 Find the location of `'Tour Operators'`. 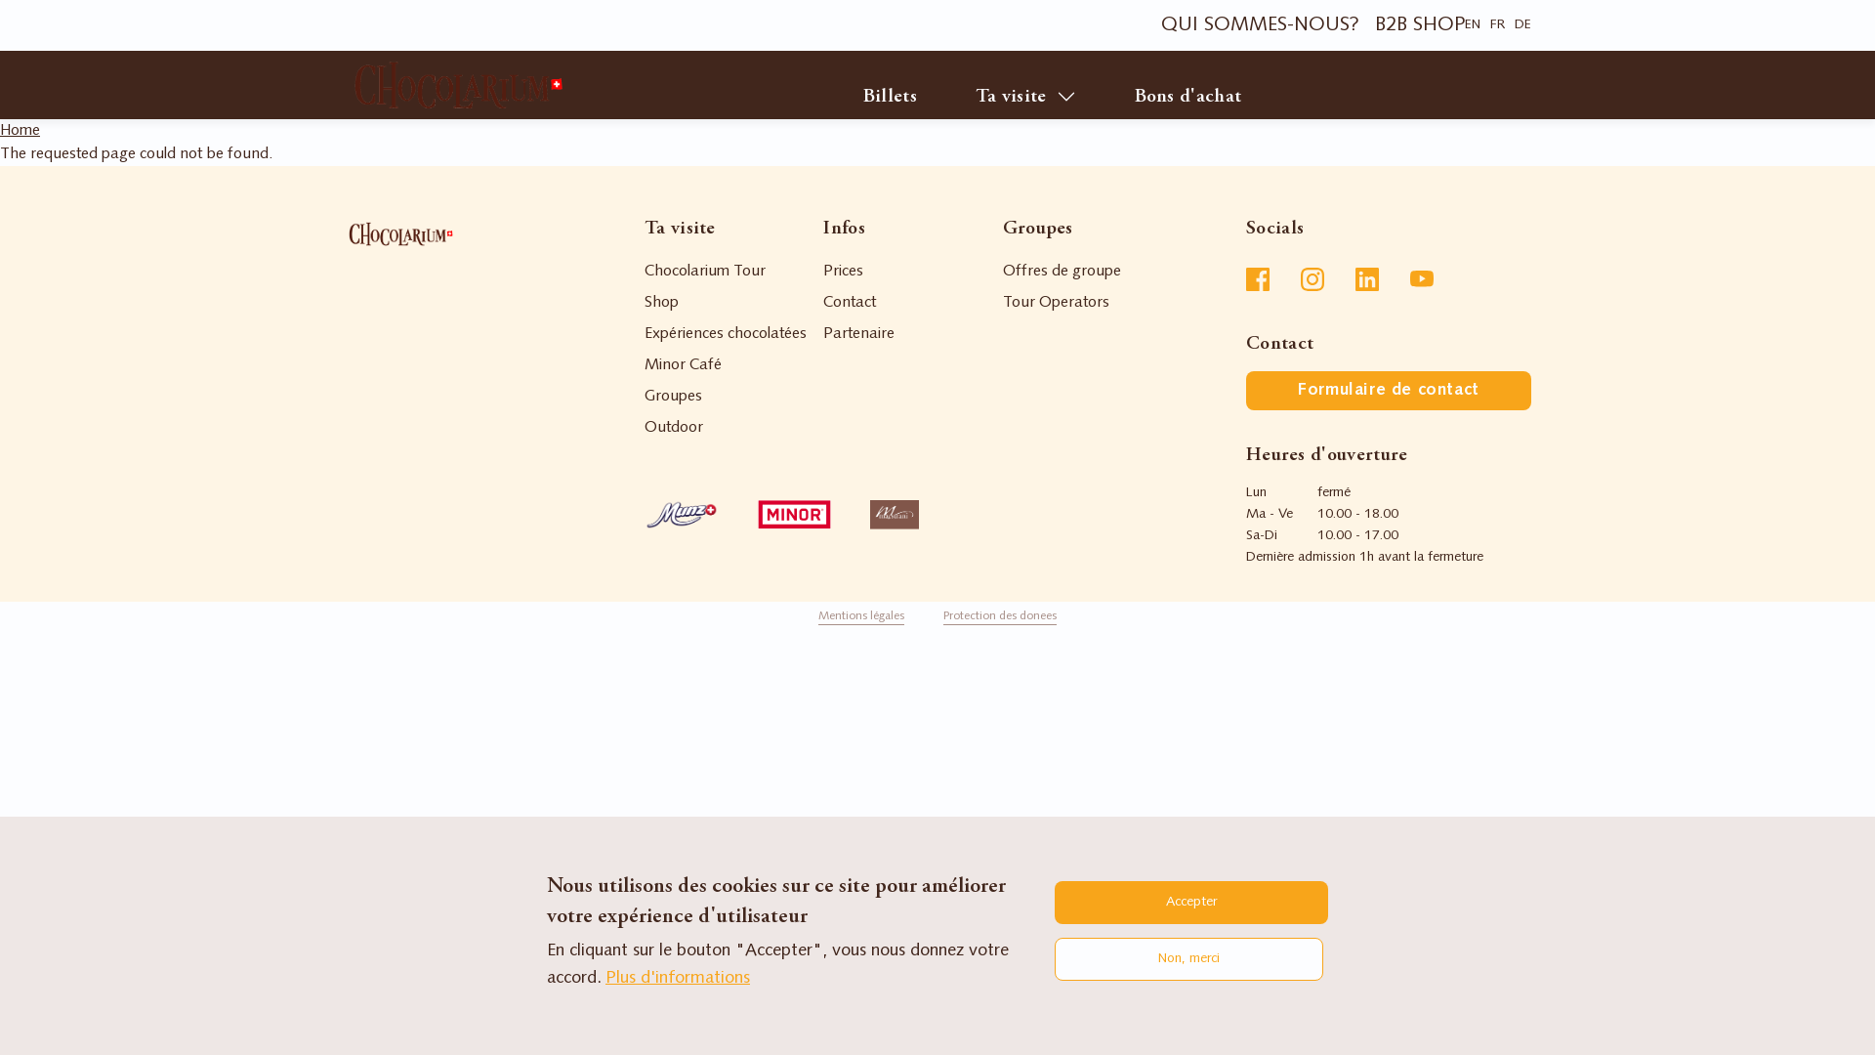

'Tour Operators' is located at coordinates (1055, 302).